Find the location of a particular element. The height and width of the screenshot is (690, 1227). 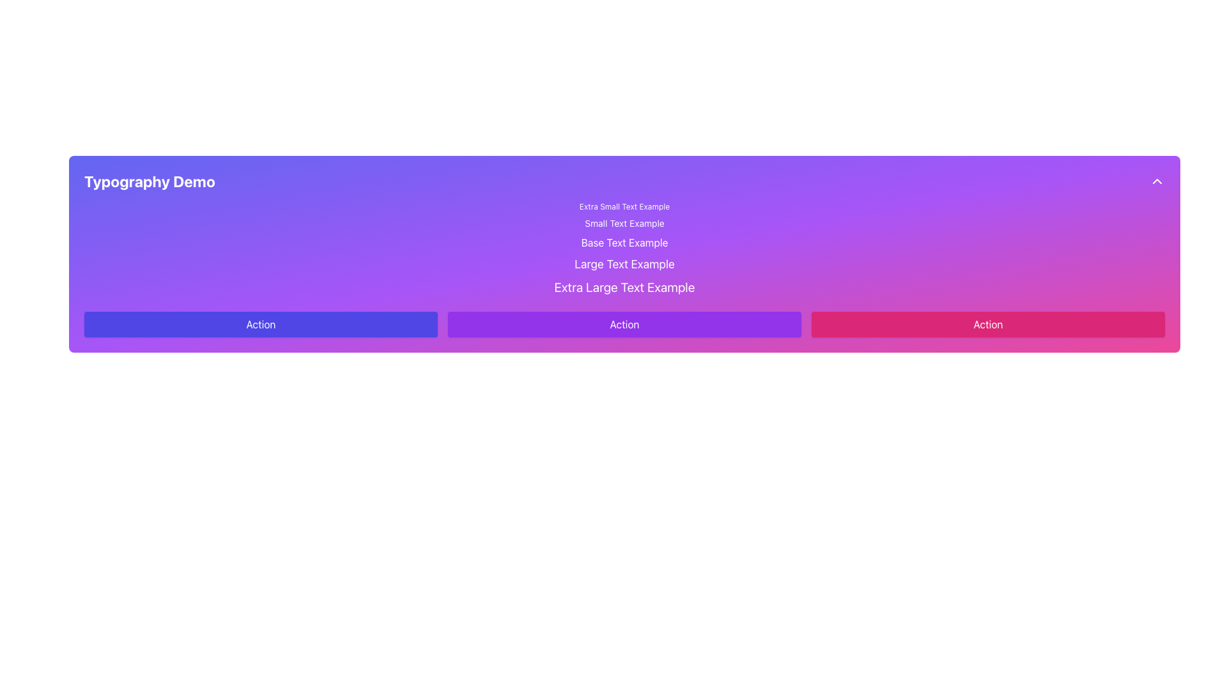

the content of the bold text label that reads 'Typography Demo', positioned towards the top-left corner of the interface is located at coordinates (150, 181).